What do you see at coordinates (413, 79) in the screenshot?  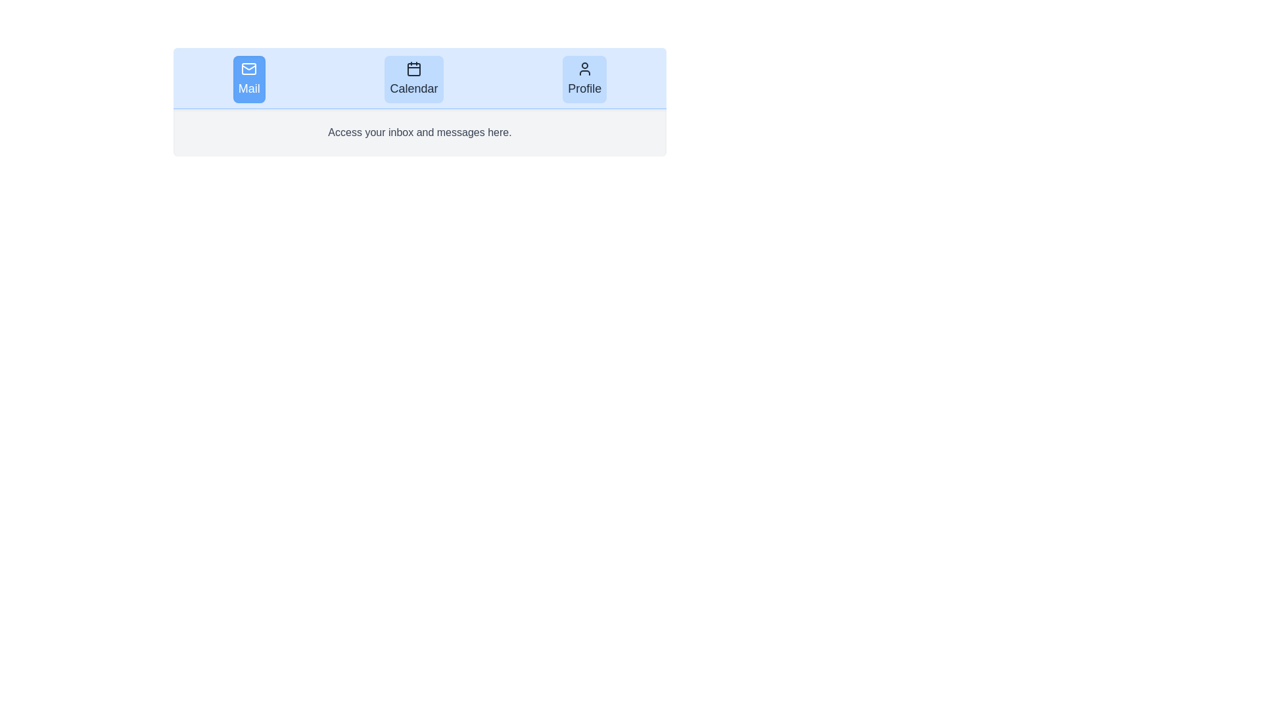 I see `the tab corresponding to Calendar to view its content` at bounding box center [413, 79].